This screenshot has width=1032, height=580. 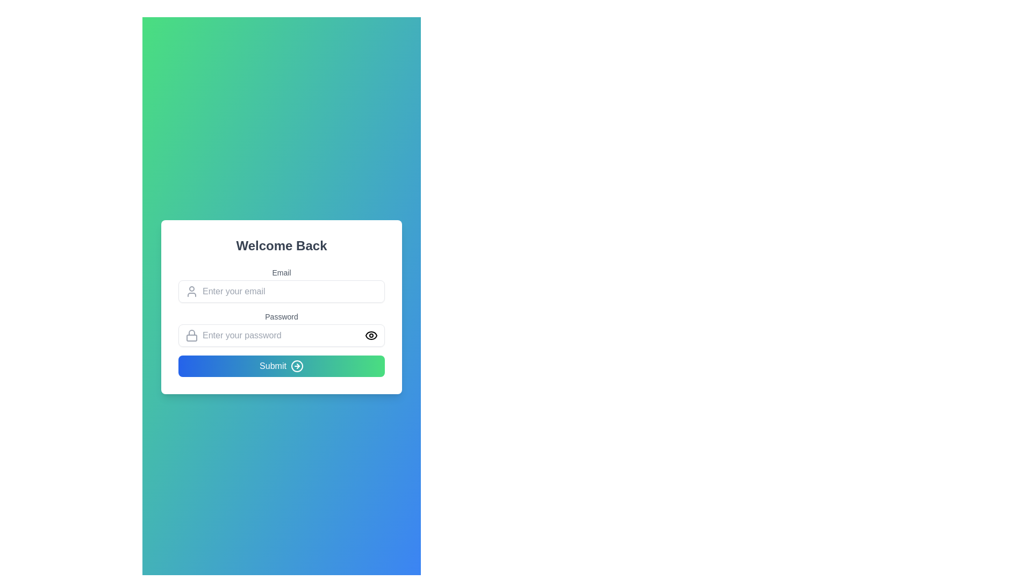 I want to click on the lower portion of the lock icon, which represents security or password protection, located to the left of the 'Password' input field, so click(x=191, y=337).